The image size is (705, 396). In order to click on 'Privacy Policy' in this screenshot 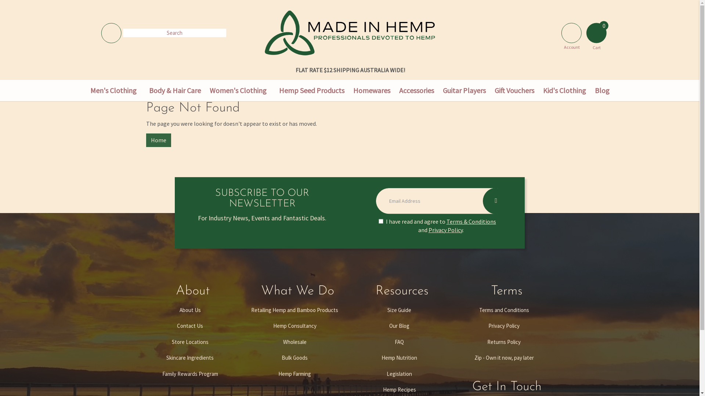, I will do `click(445, 230)`.